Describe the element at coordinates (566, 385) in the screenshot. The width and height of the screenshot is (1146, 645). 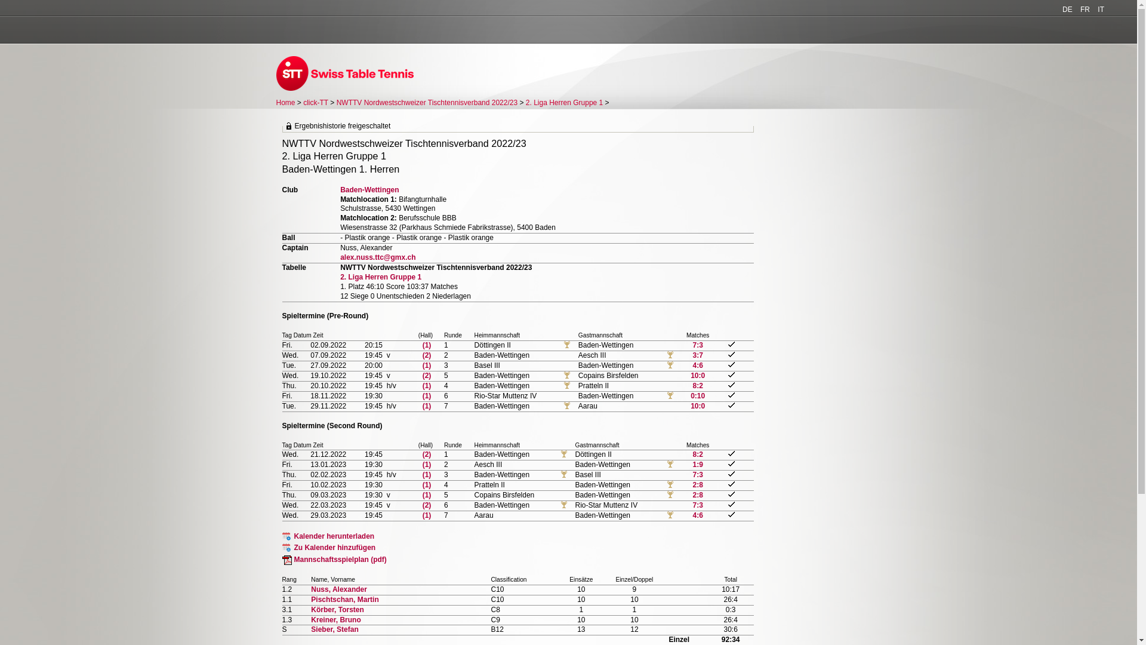
I see `'Victory'` at that location.